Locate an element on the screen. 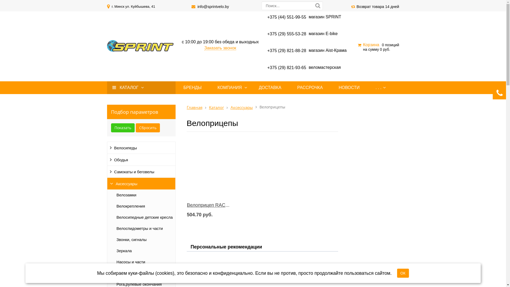 The height and width of the screenshot is (287, 510). 'info@sprintvelo.by' is located at coordinates (213, 6).